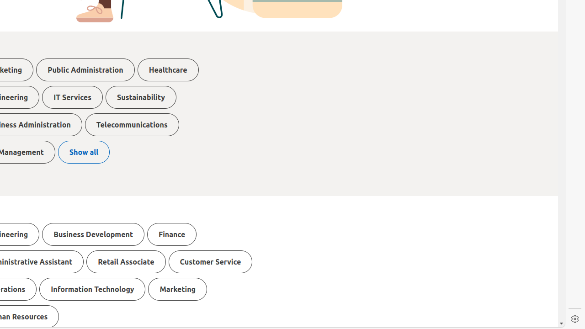 Image resolution: width=585 pixels, height=329 pixels. I want to click on 'Settings', so click(574, 318).